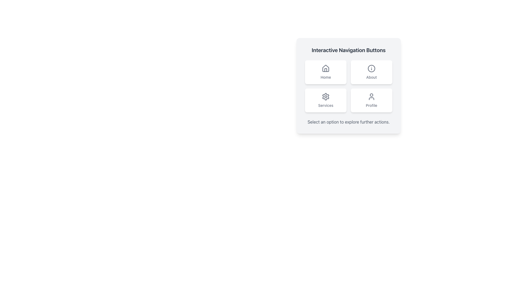 The height and width of the screenshot is (287, 511). What do you see at coordinates (325, 105) in the screenshot?
I see `the text label 'Services' located in the bottom-left rectangle of a 2x2 grid layout, directly beneath the gear icon` at bounding box center [325, 105].